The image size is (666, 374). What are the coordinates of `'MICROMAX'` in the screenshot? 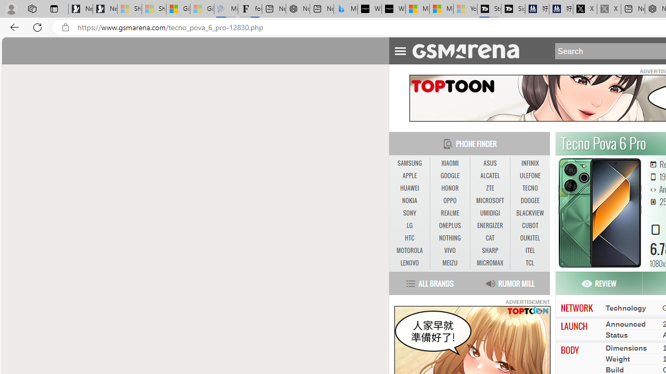 It's located at (489, 262).